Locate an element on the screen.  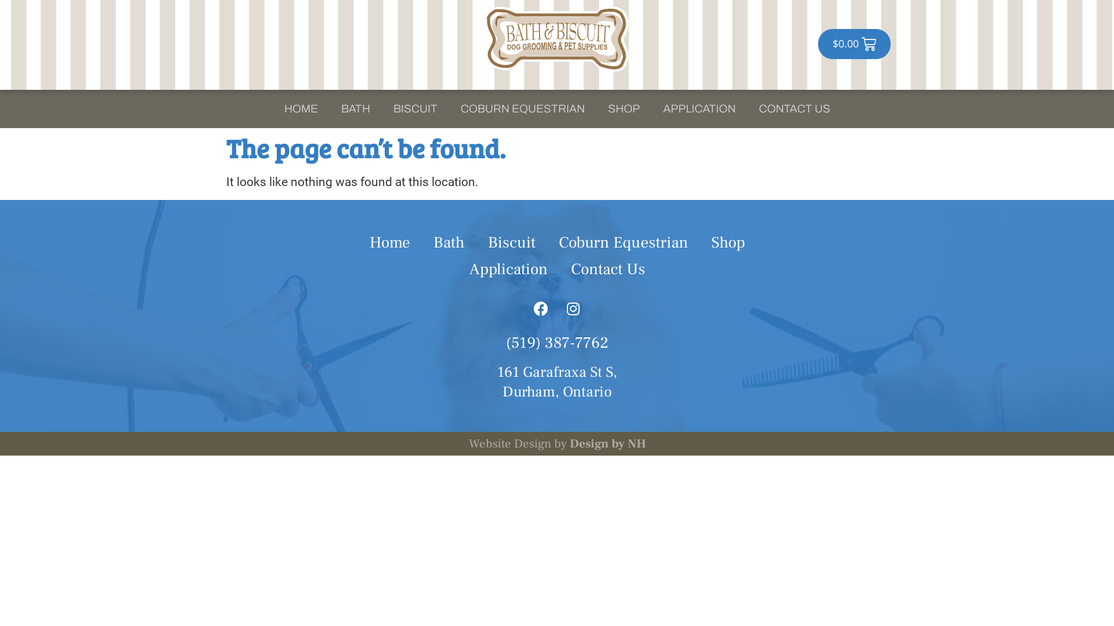
'COBURN EQUESTRIAN' is located at coordinates (522, 109).